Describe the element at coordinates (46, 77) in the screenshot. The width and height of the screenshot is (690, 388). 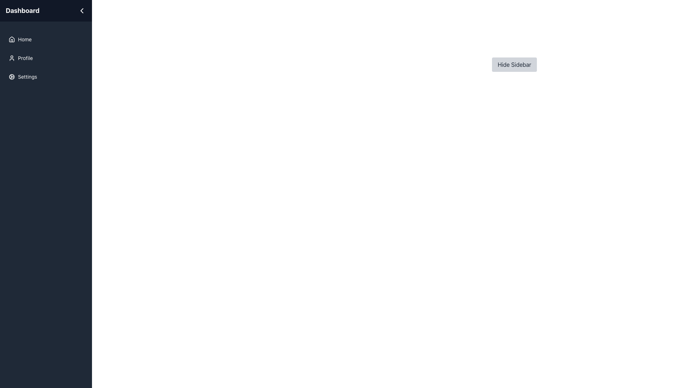
I see `the 'Settings' button located in the vertical list of menu items on the left sidebar, which is the third item in the list after 'Home' and 'Profile'` at that location.